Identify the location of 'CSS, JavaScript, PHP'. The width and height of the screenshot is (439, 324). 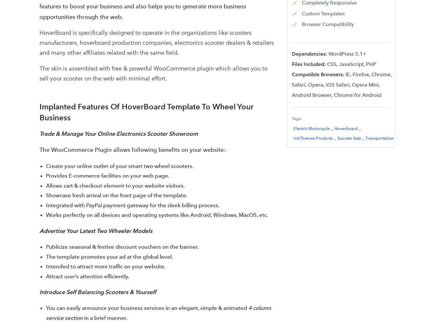
(351, 64).